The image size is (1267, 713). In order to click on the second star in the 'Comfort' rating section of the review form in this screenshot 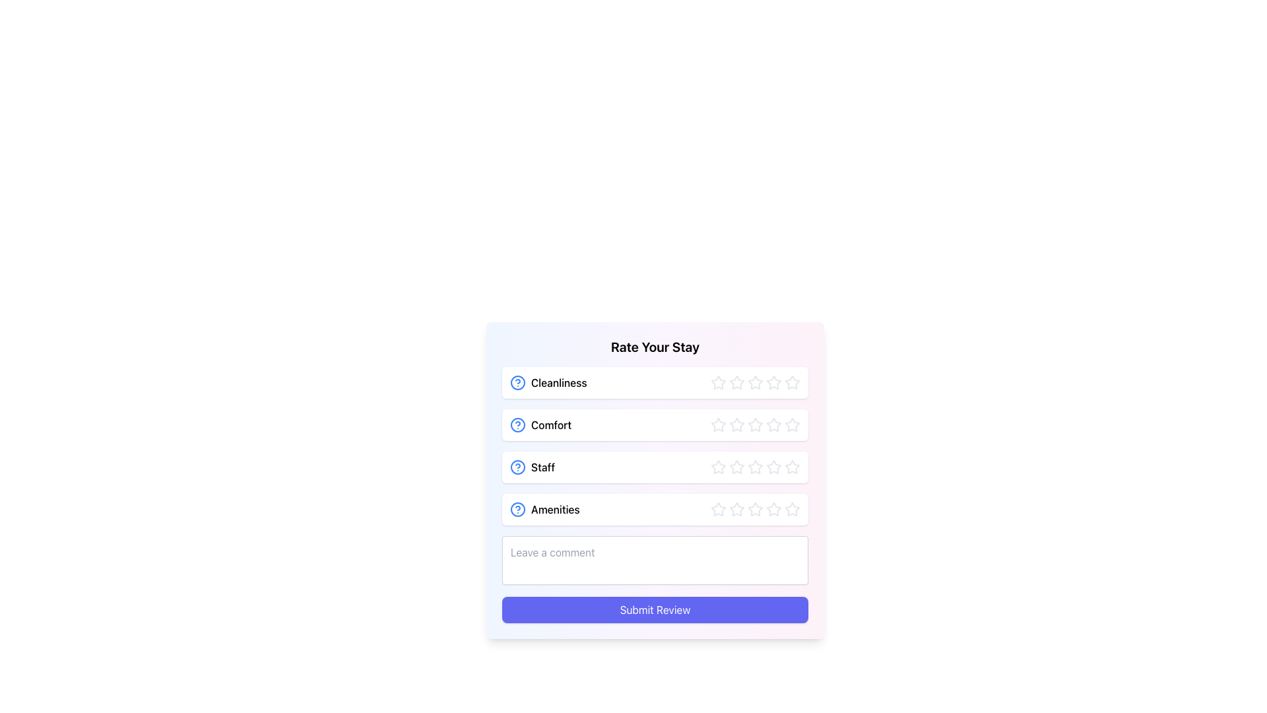, I will do `click(756, 424)`.